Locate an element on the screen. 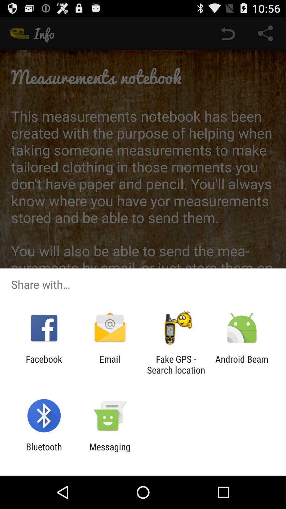  the item next to the android beam app is located at coordinates (176, 364).